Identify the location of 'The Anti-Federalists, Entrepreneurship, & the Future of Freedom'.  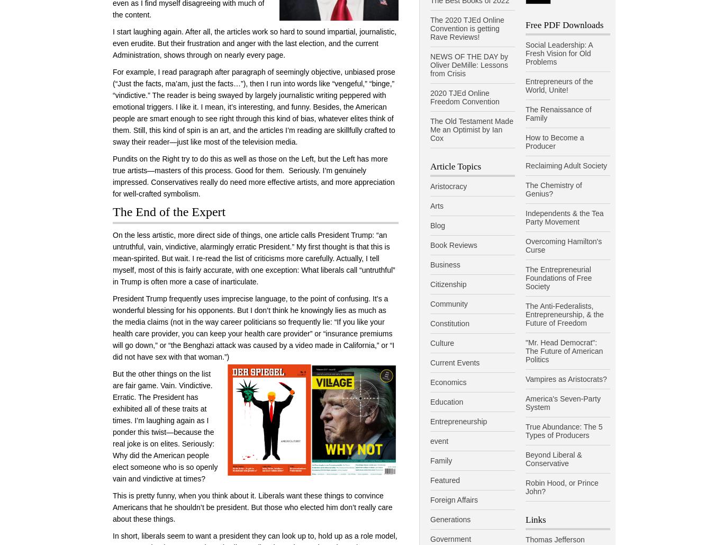
(564, 314).